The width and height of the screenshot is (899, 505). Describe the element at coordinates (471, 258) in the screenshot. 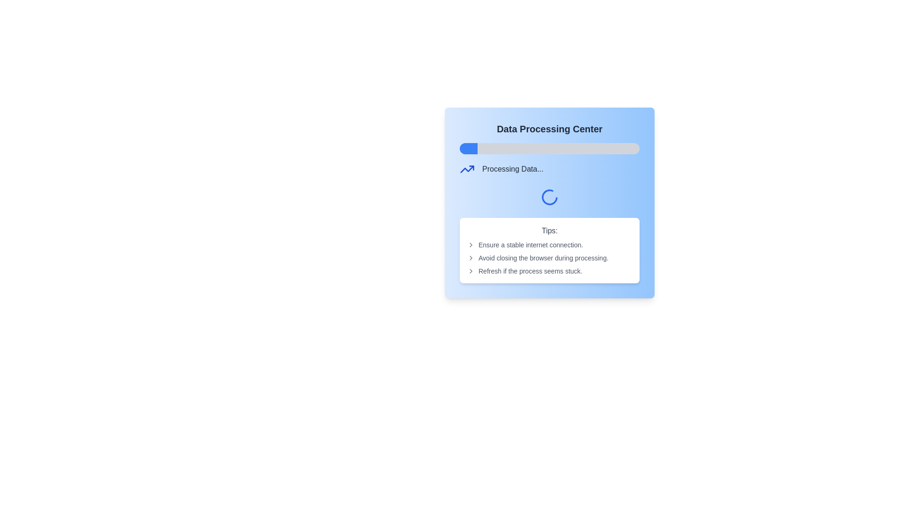

I see `the right-facing chevron arrow icon, which is gray and located to the left of the text 'Avoid closing the browser during processing.' in the Tips section` at that location.